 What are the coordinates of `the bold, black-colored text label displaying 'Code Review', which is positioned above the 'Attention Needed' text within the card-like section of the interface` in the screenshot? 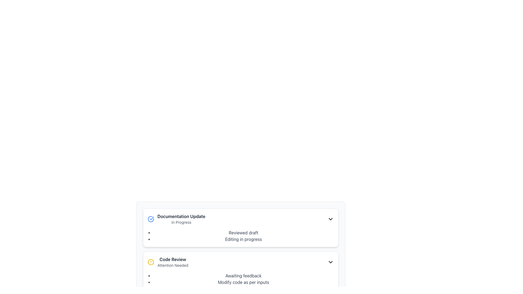 It's located at (172, 259).